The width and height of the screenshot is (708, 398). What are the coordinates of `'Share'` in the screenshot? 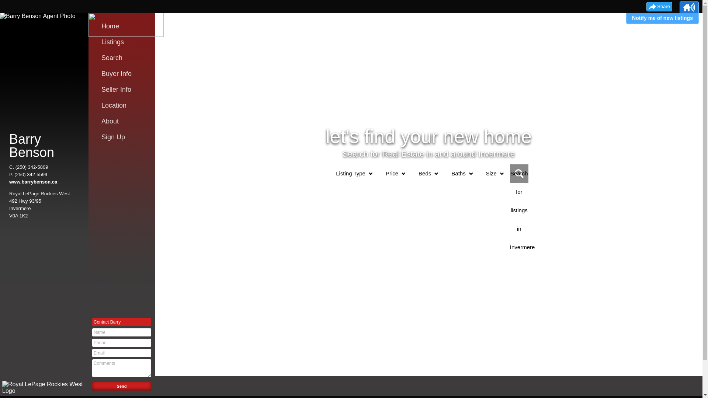 It's located at (659, 7).